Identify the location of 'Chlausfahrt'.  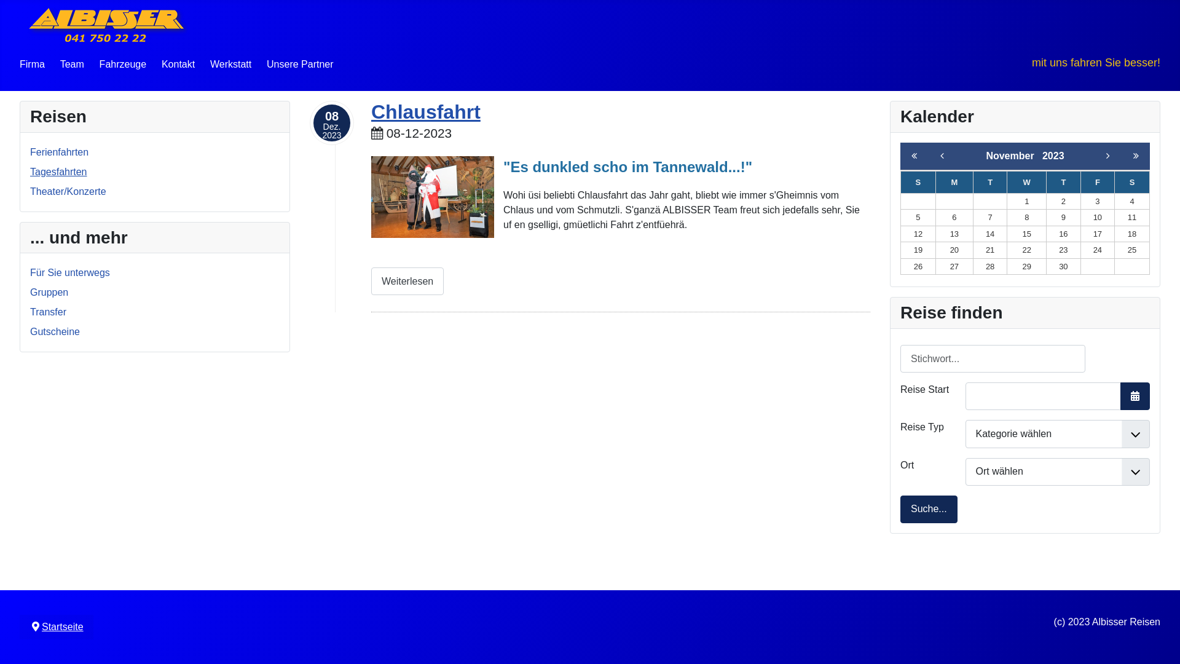
(425, 111).